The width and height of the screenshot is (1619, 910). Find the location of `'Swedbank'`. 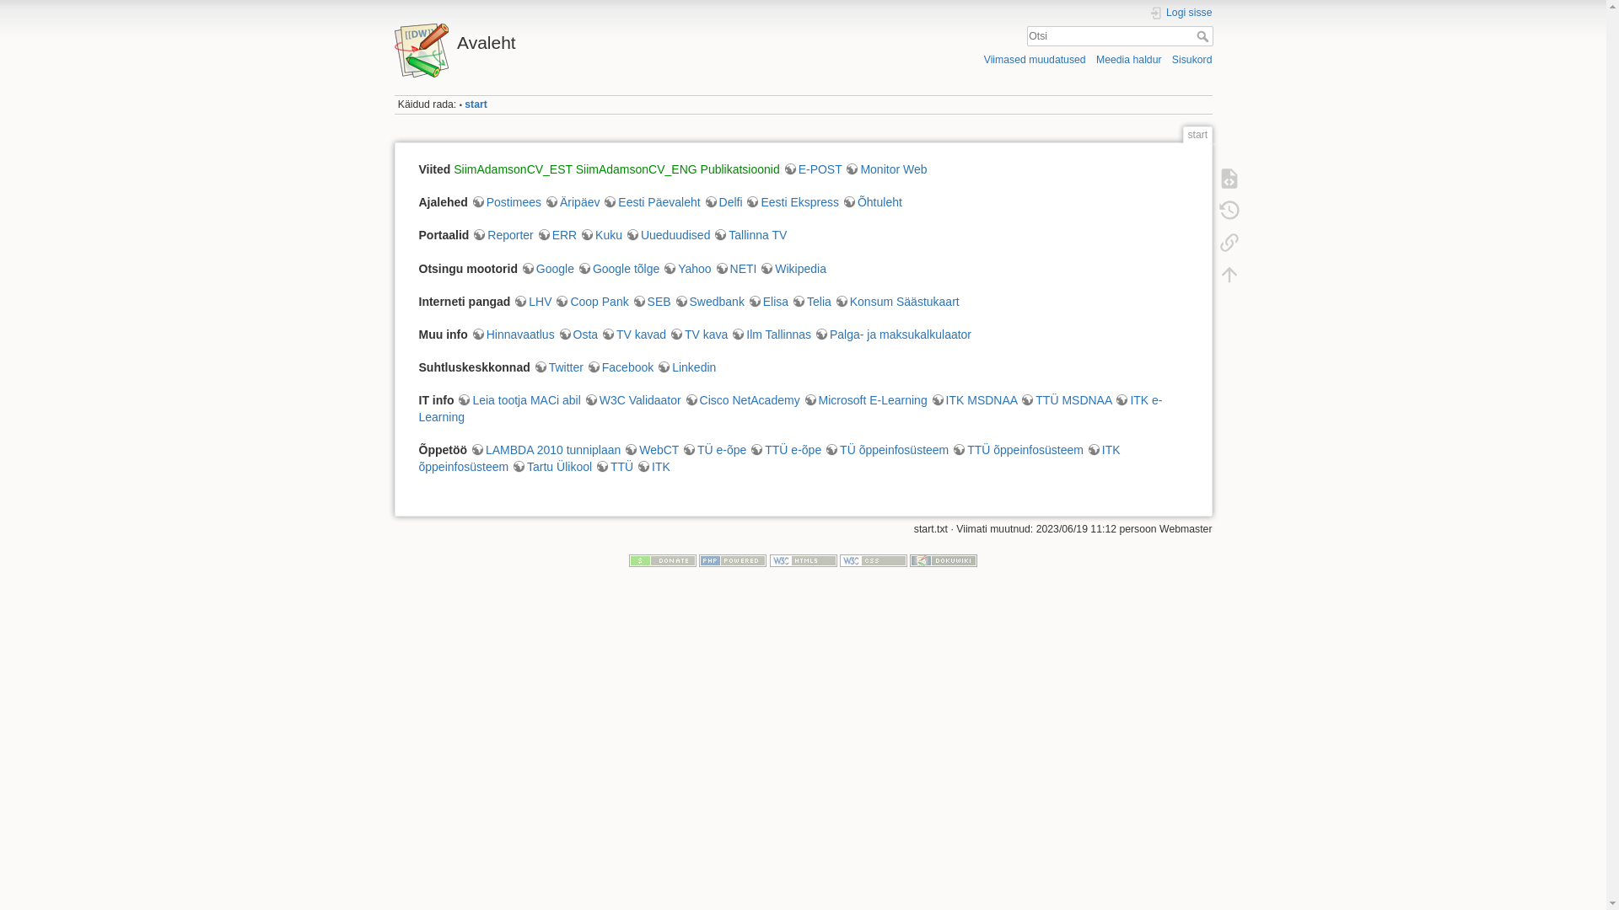

'Swedbank' is located at coordinates (709, 301).